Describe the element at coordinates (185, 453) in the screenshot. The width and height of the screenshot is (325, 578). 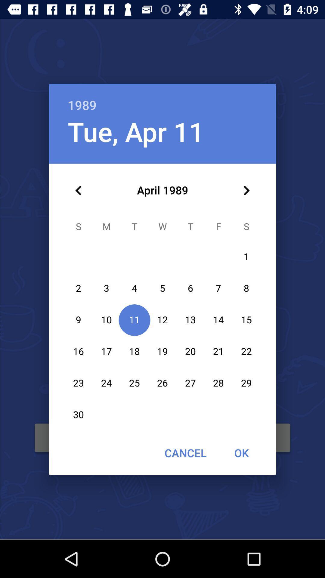
I see `the icon to the left of ok item` at that location.